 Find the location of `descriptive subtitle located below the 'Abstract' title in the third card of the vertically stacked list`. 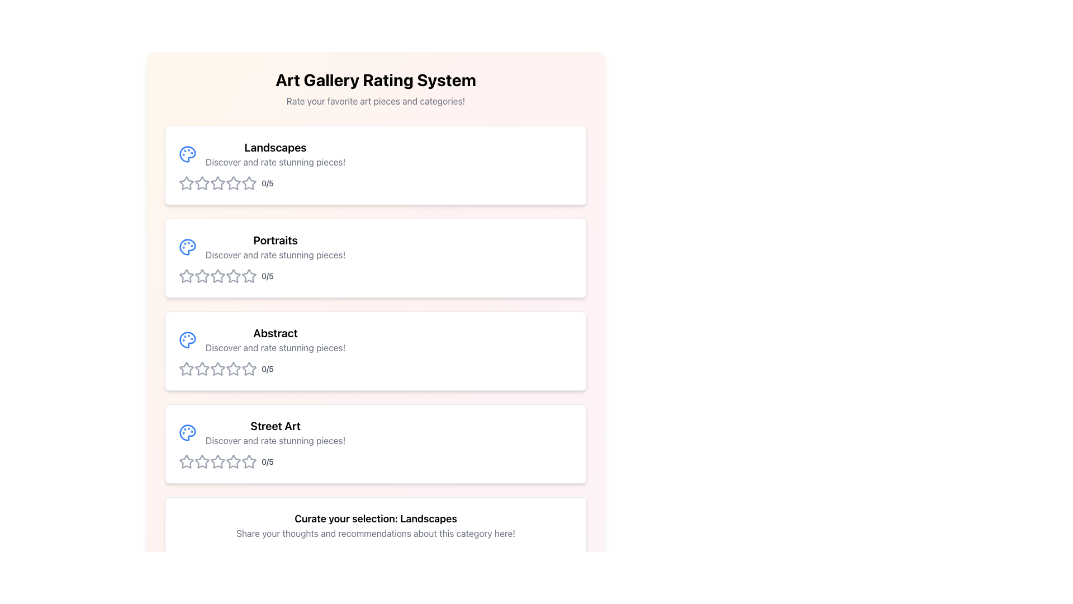

descriptive subtitle located below the 'Abstract' title in the third card of the vertically stacked list is located at coordinates (276, 347).